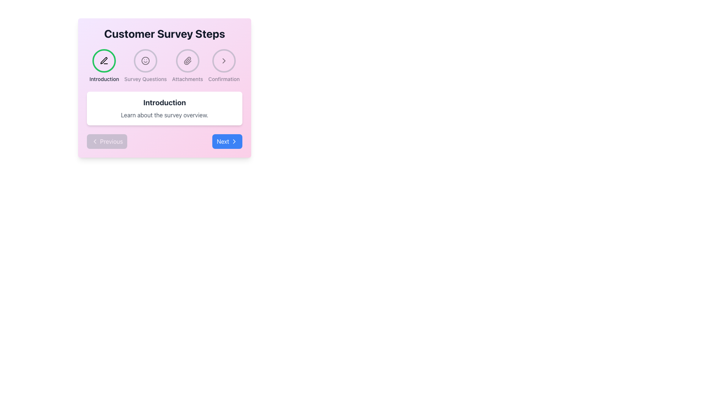 This screenshot has width=704, height=396. What do you see at coordinates (187, 60) in the screenshot?
I see `the static paperclip icon indicating the 'Attachments' step in the multi-step customer survey process` at bounding box center [187, 60].